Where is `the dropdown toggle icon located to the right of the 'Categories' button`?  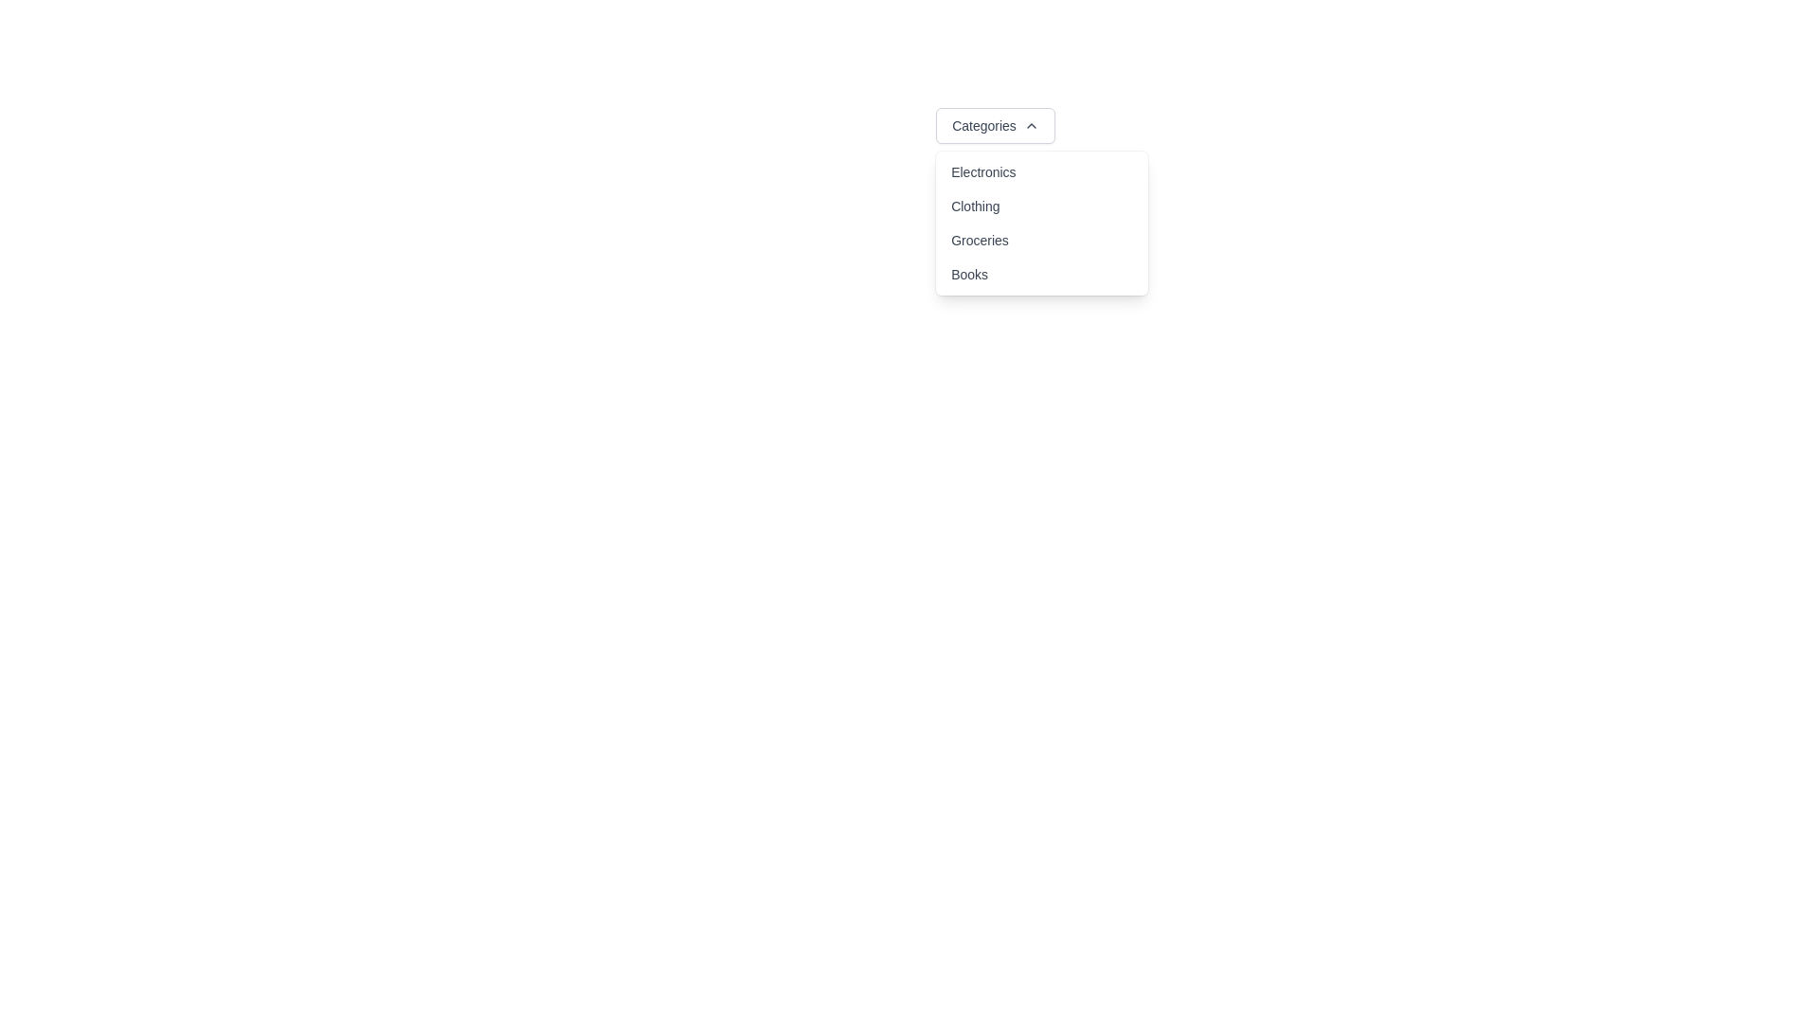
the dropdown toggle icon located to the right of the 'Categories' button is located at coordinates (1030, 125).